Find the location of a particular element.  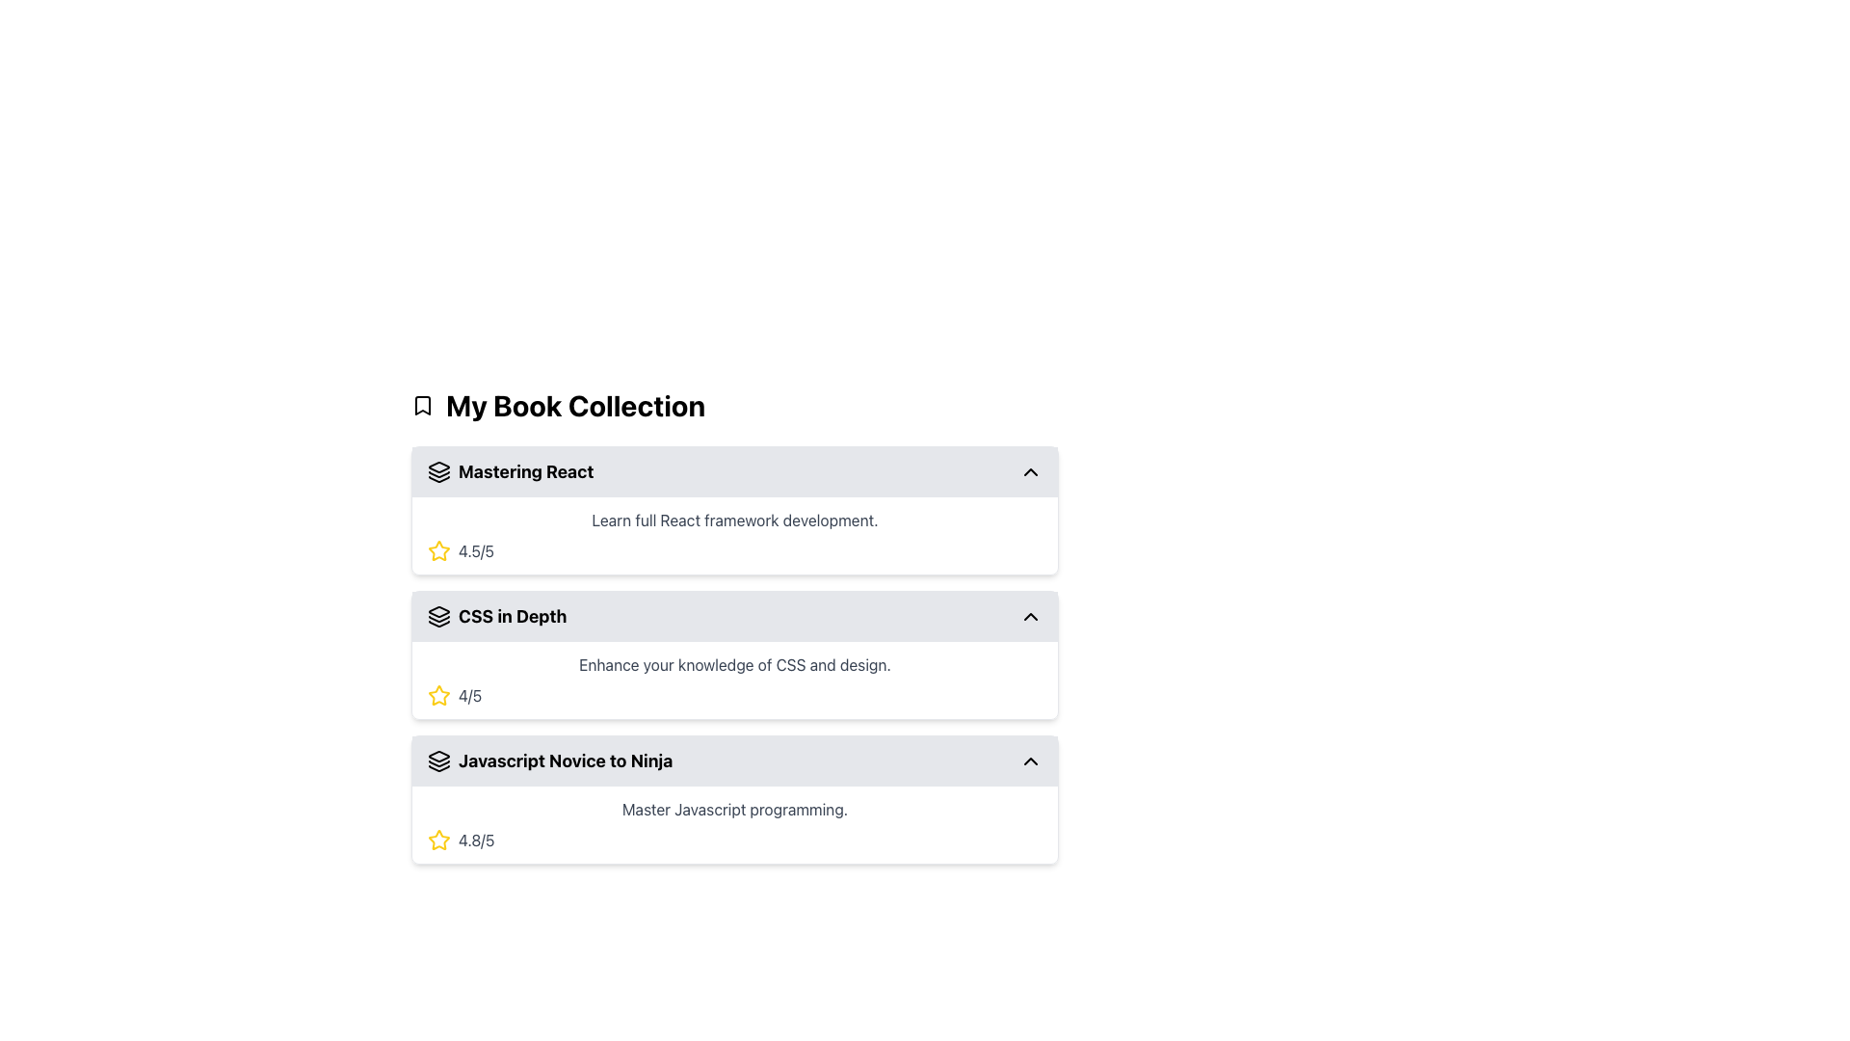

the static text displaying the rating information for the book 'CSS in Depth' located in the second section of 'My Book Collection' is located at coordinates (734, 679).